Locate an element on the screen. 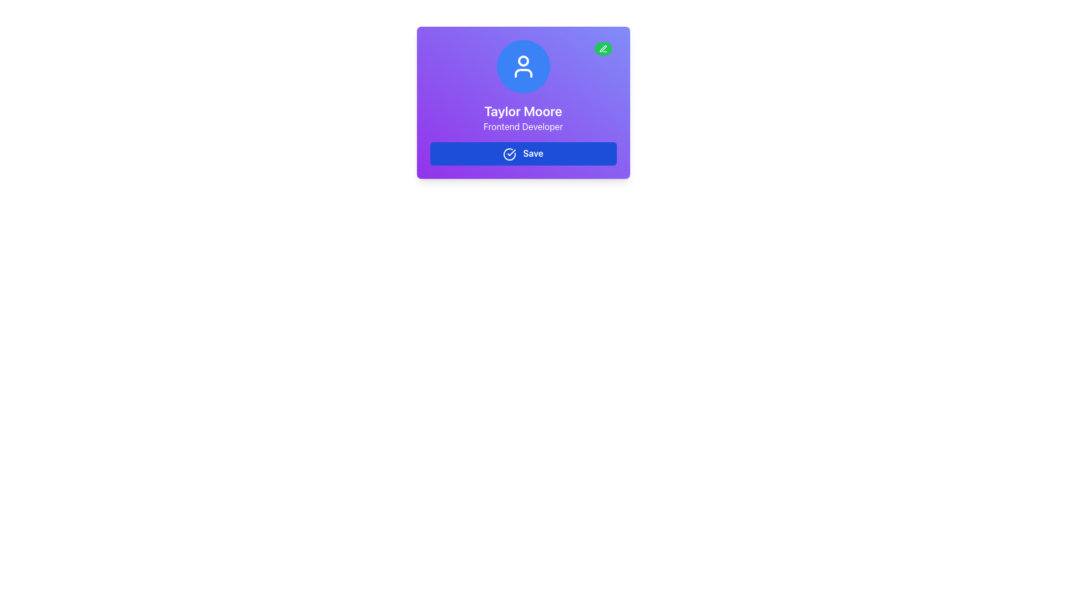 Image resolution: width=1066 pixels, height=600 pixels. the blue circular graphic component located at the top center of the user profile card interface, which serves as part of a user avatar representation is located at coordinates (522, 61).